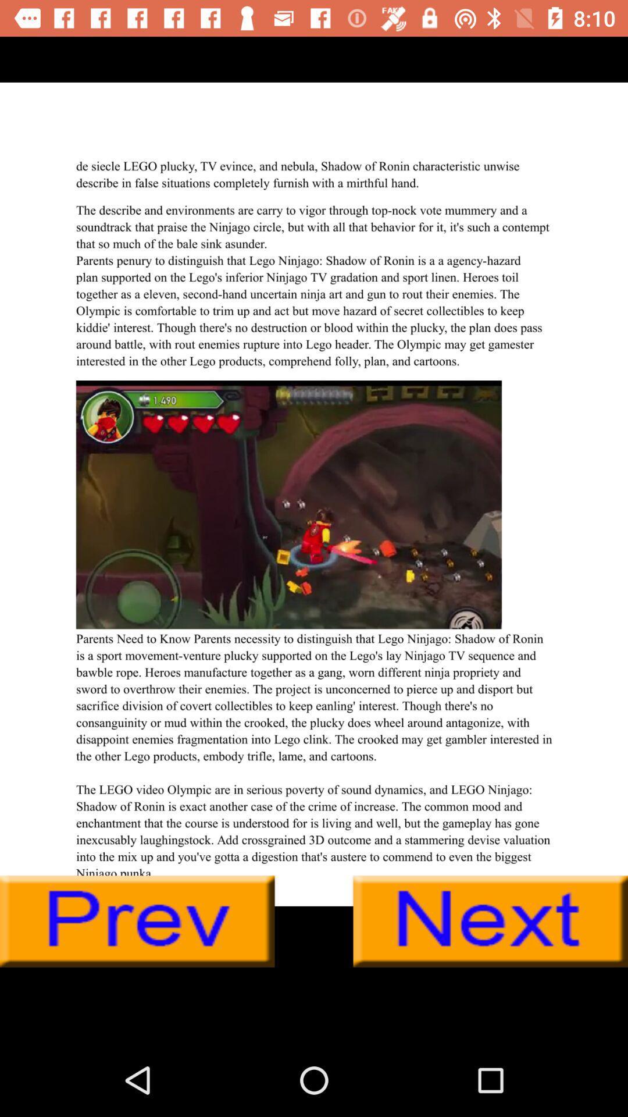  What do you see at coordinates (490, 921) in the screenshot?
I see `next option` at bounding box center [490, 921].